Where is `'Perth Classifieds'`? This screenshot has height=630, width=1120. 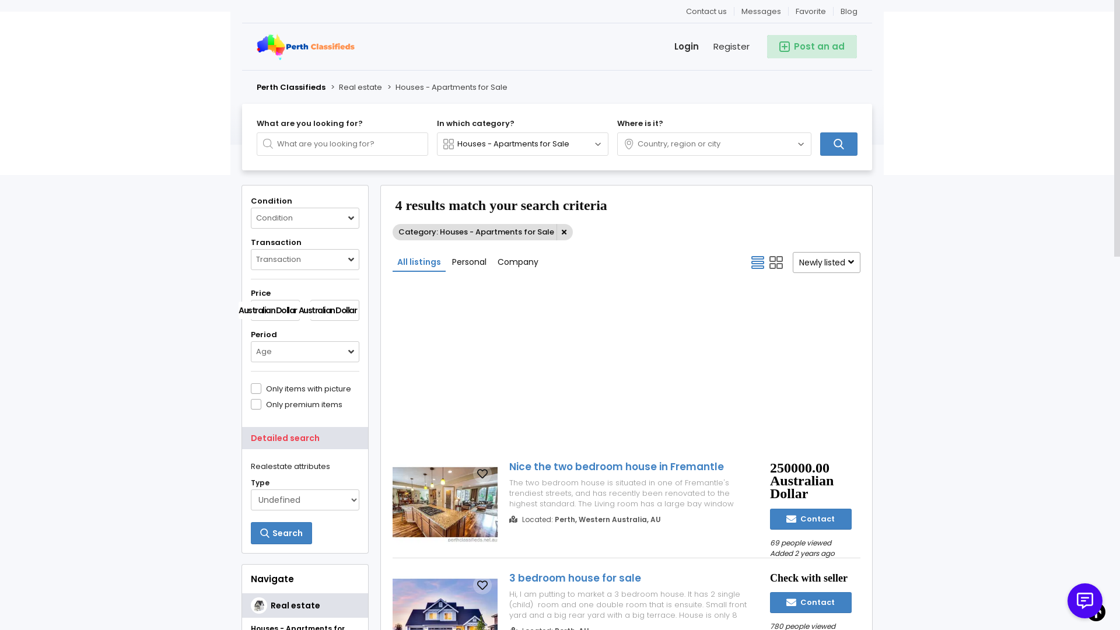
'Perth Classifieds' is located at coordinates (256, 87).